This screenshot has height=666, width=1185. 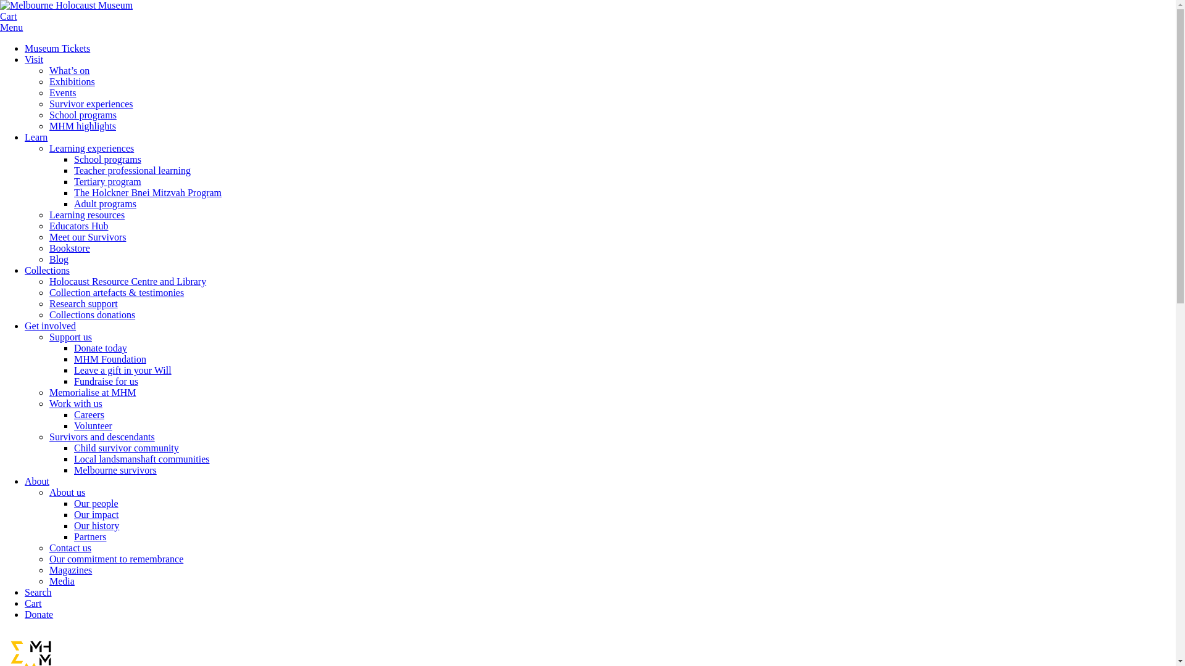 What do you see at coordinates (70, 547) in the screenshot?
I see `'Contact us'` at bounding box center [70, 547].